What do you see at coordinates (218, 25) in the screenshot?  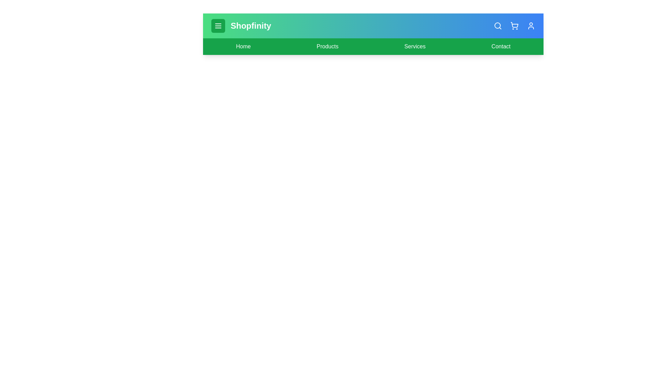 I see `the menu_button to observe its hover effect` at bounding box center [218, 25].